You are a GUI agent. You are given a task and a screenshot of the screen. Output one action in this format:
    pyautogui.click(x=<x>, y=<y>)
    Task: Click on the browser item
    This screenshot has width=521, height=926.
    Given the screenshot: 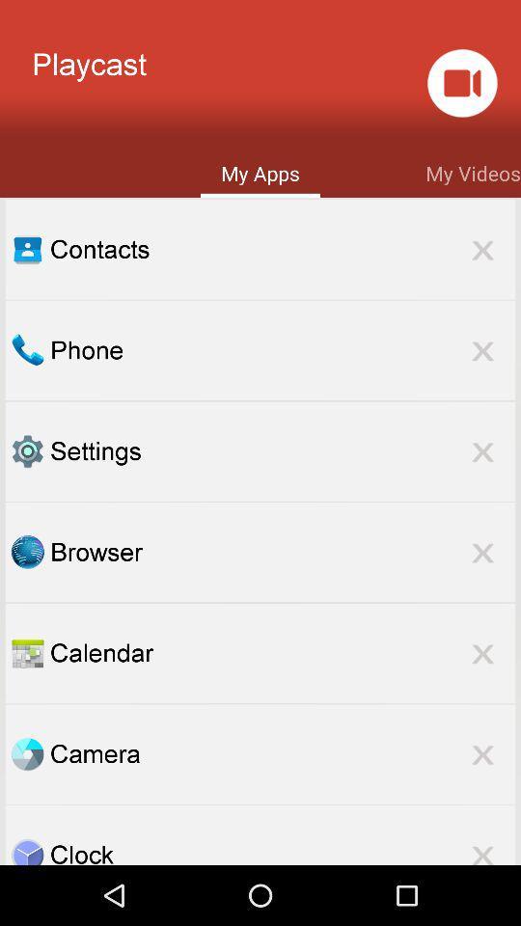 What is the action you would take?
    pyautogui.click(x=282, y=552)
    